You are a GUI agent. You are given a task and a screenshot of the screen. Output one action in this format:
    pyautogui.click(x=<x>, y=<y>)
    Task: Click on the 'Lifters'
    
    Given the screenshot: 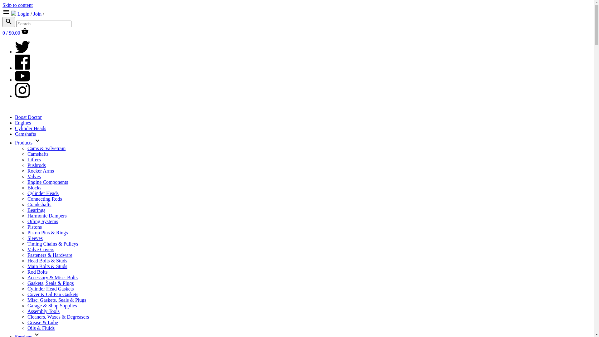 What is the action you would take?
    pyautogui.click(x=27, y=159)
    